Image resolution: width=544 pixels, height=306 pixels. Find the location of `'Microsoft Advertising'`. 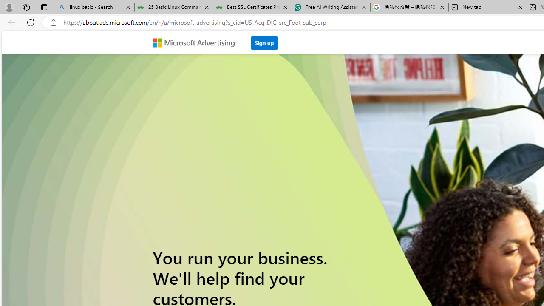

'Microsoft Advertising' is located at coordinates (197, 42).